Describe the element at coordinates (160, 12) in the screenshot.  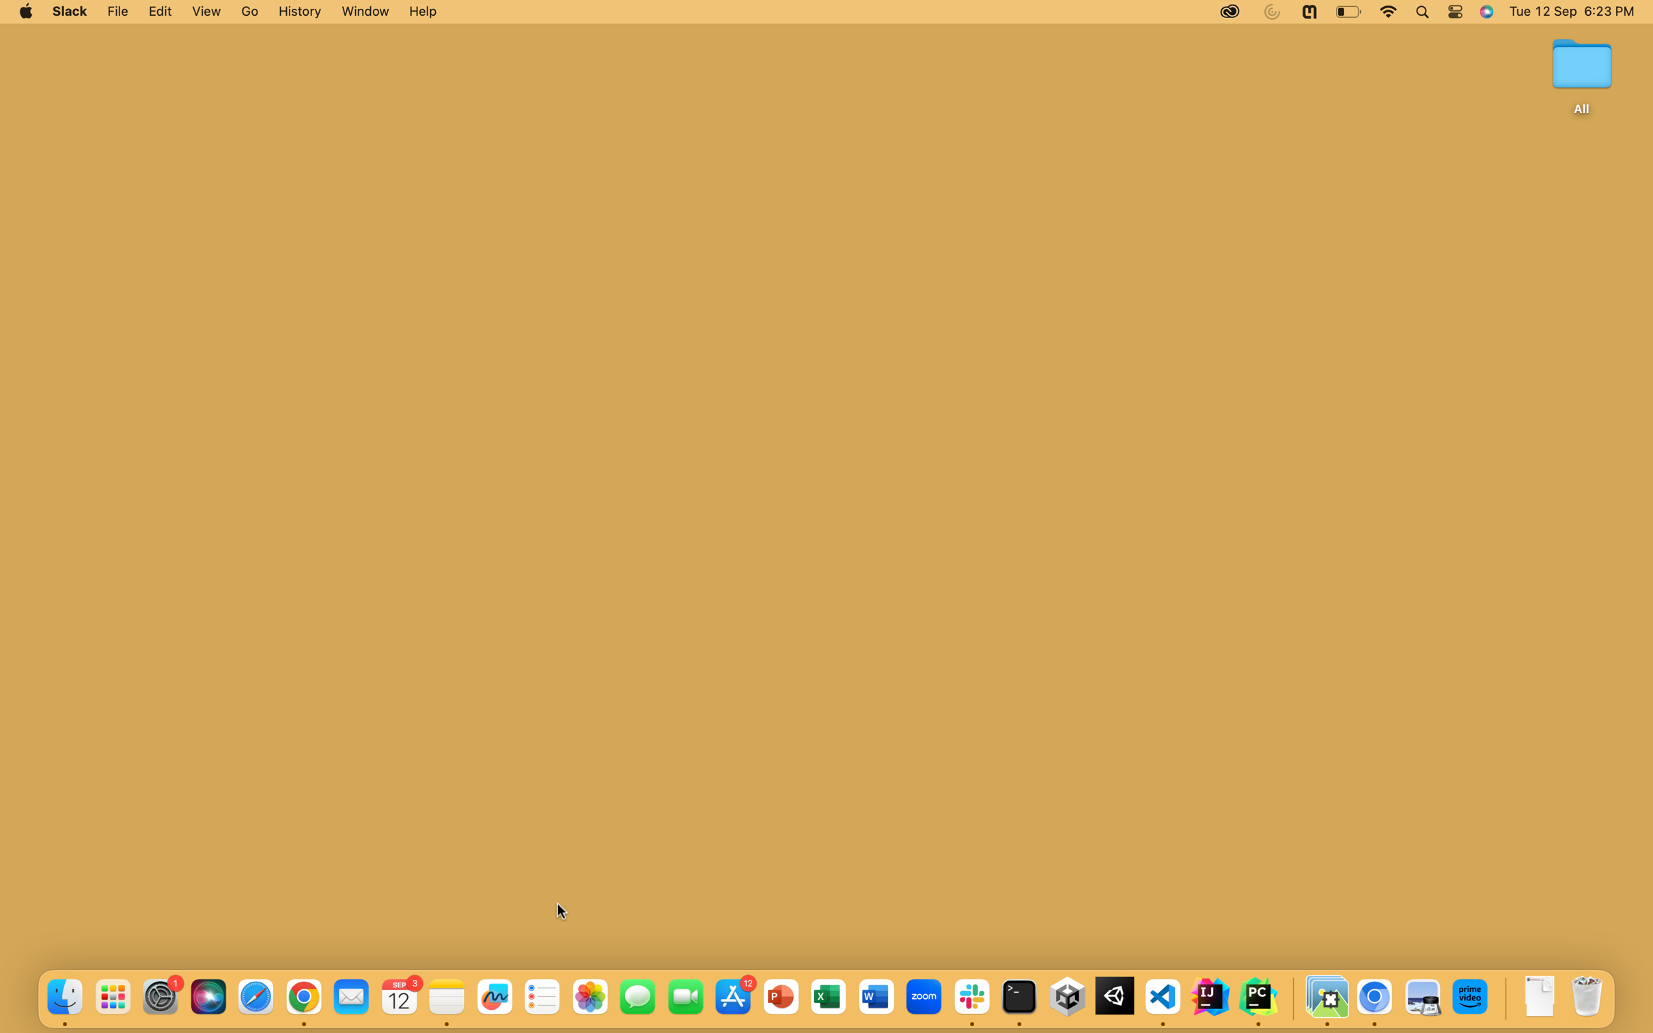
I see `the Edit Options menu` at that location.